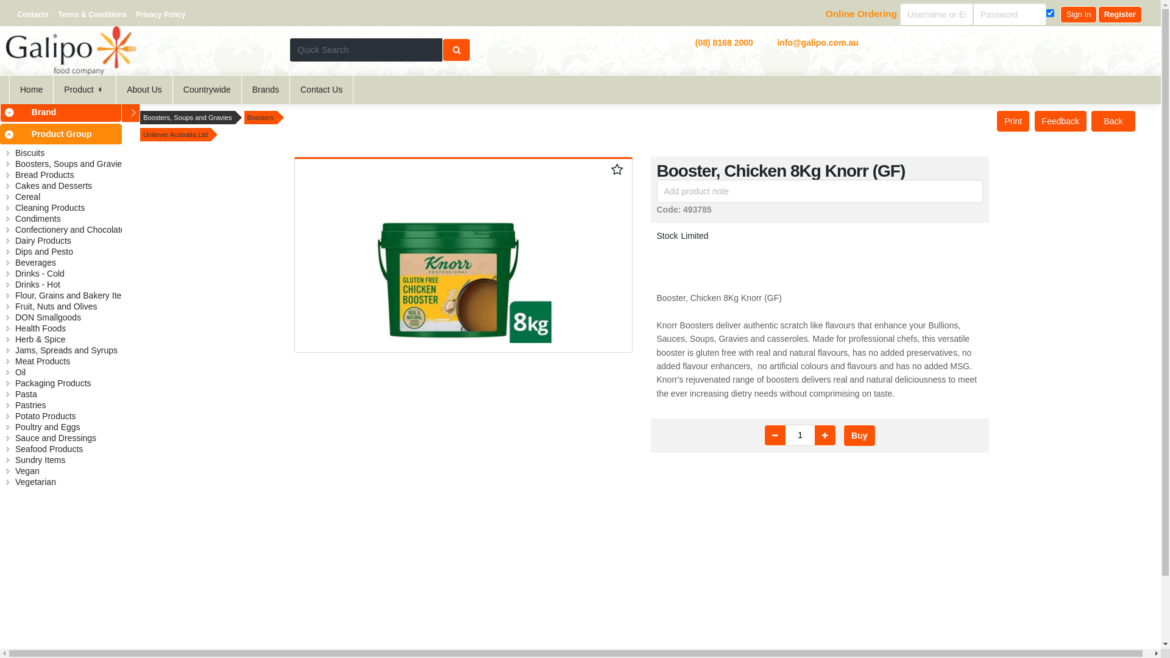 This screenshot has height=658, width=1170. Describe the element at coordinates (40, 328) in the screenshot. I see `'Health Foods'` at that location.